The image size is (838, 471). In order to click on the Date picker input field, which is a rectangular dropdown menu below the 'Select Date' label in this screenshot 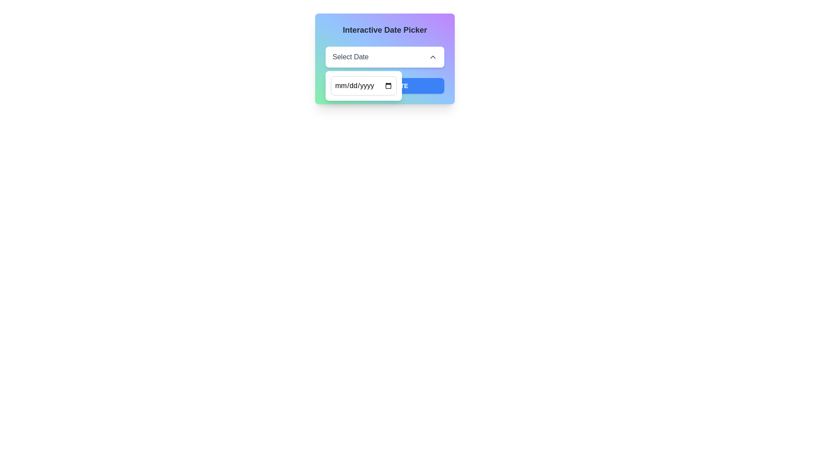, I will do `click(364, 85)`.